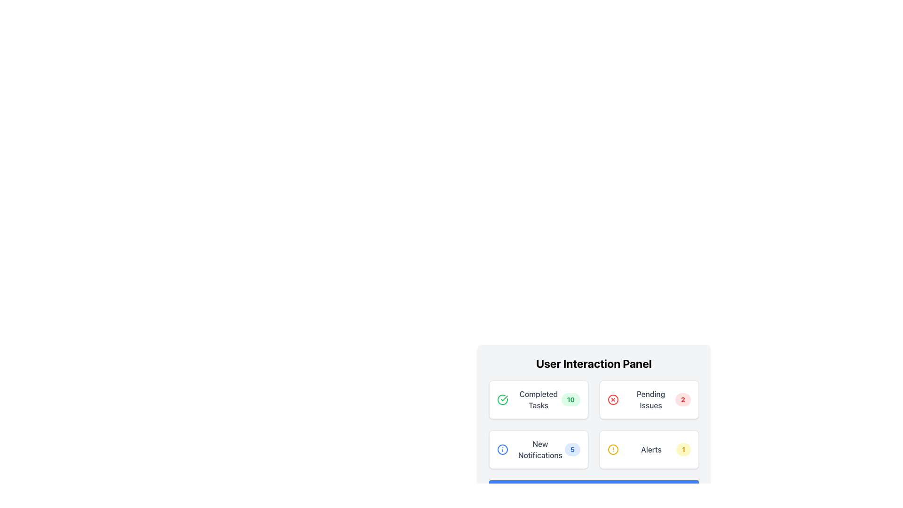  I want to click on the number displayed on the Notification Badge located at the top-right corner of the 'Alerts' card in the bottom-right box of the grid of four cards, so click(683, 449).